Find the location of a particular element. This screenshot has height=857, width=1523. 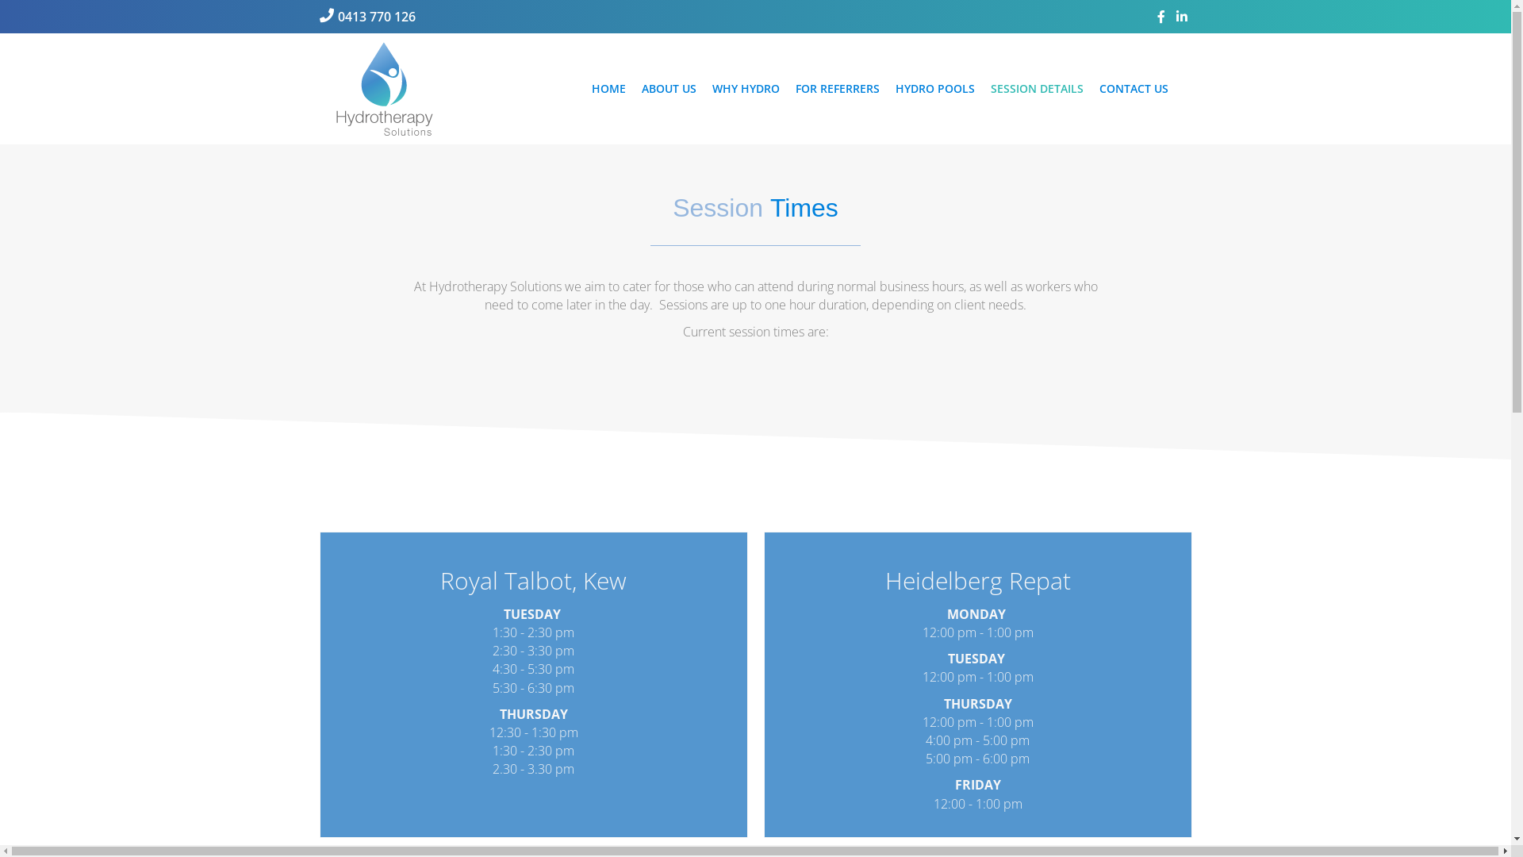

'SESSION DETAILS' is located at coordinates (1036, 88).